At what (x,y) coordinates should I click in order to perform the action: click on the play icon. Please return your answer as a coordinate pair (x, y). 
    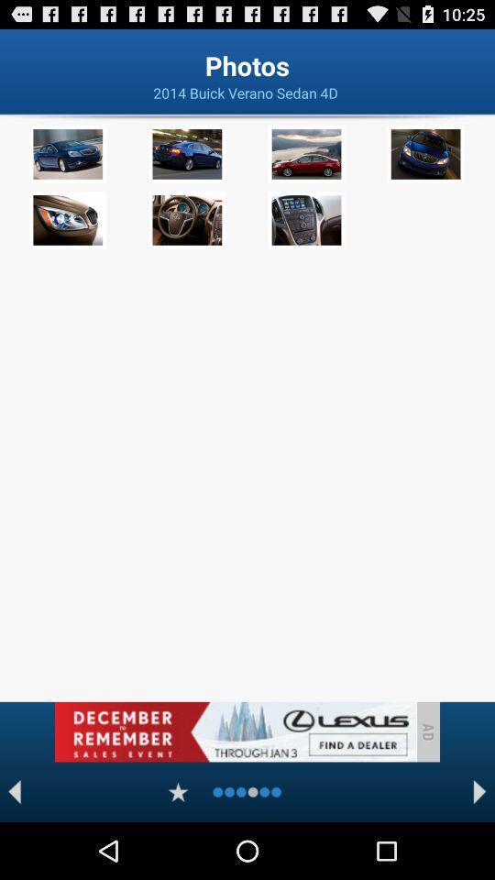
    Looking at the image, I should click on (479, 847).